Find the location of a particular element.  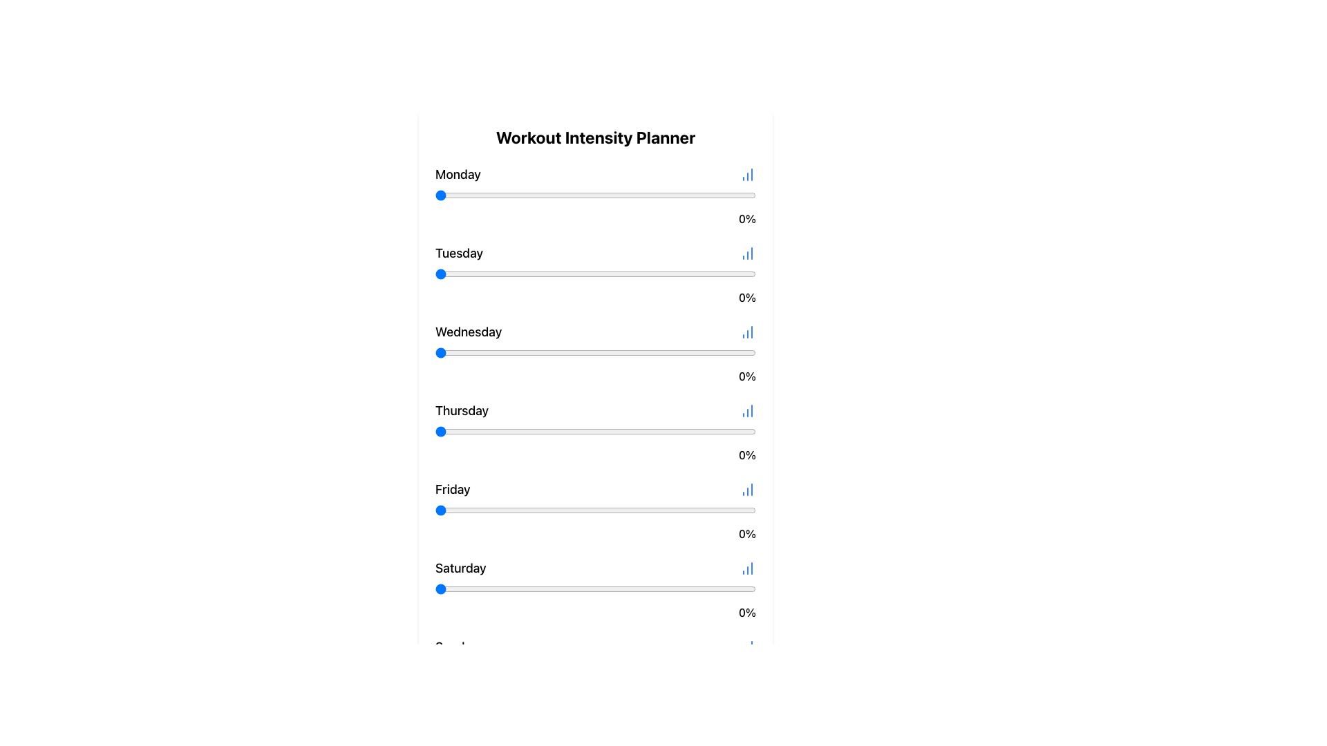

the Tuesday intensity level is located at coordinates (527, 274).